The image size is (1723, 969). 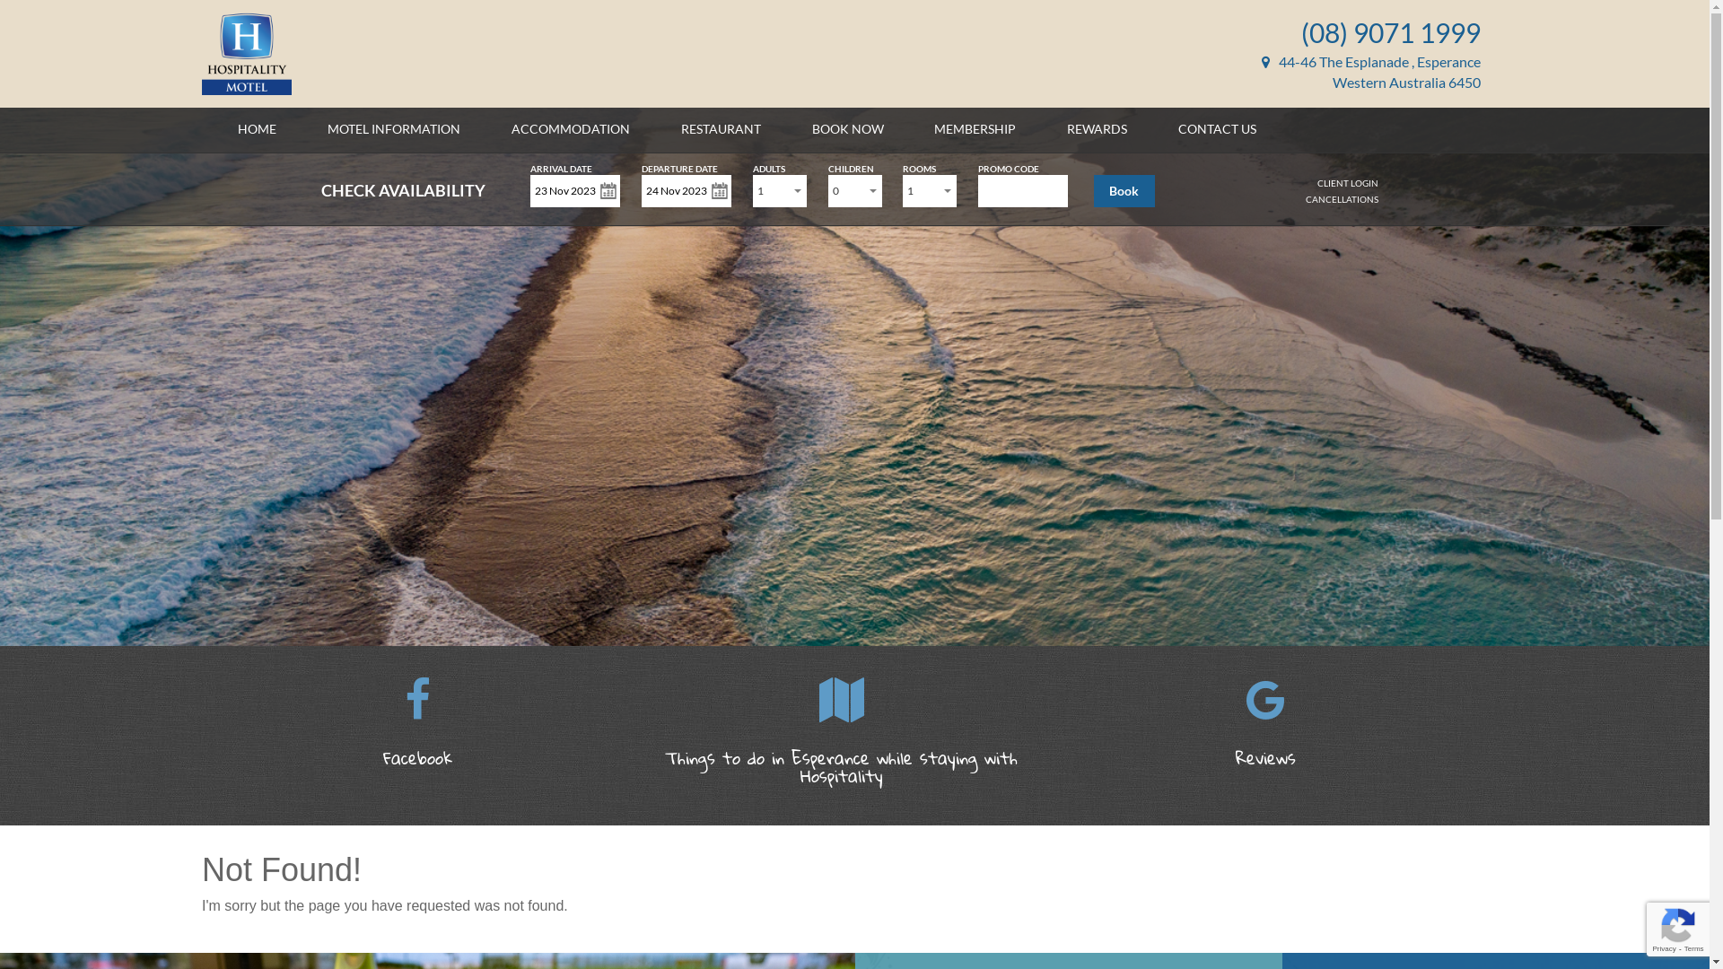 What do you see at coordinates (392, 127) in the screenshot?
I see `'MOTEL INFORMATION'` at bounding box center [392, 127].